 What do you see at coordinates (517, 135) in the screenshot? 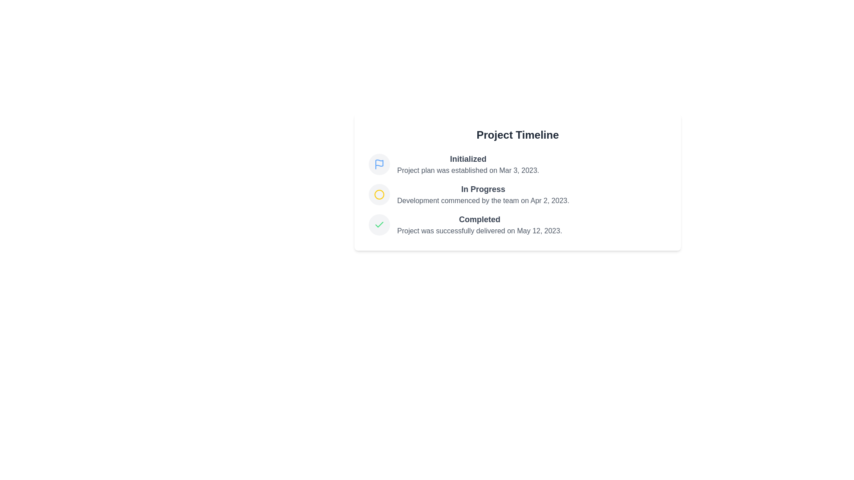
I see `text from the 'Project Timeline' header located at the top of the card-like structure with rounded corners and shadowed background` at bounding box center [517, 135].